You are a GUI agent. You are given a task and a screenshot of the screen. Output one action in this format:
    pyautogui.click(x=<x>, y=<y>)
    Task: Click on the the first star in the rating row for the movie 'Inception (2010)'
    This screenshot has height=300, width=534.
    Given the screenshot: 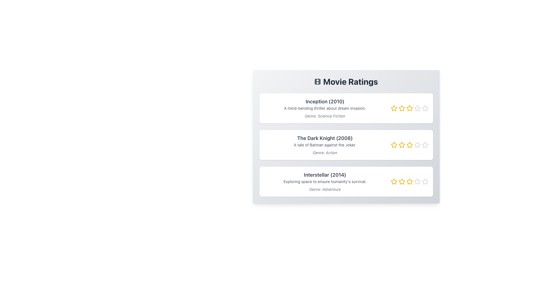 What is the action you would take?
    pyautogui.click(x=394, y=108)
    